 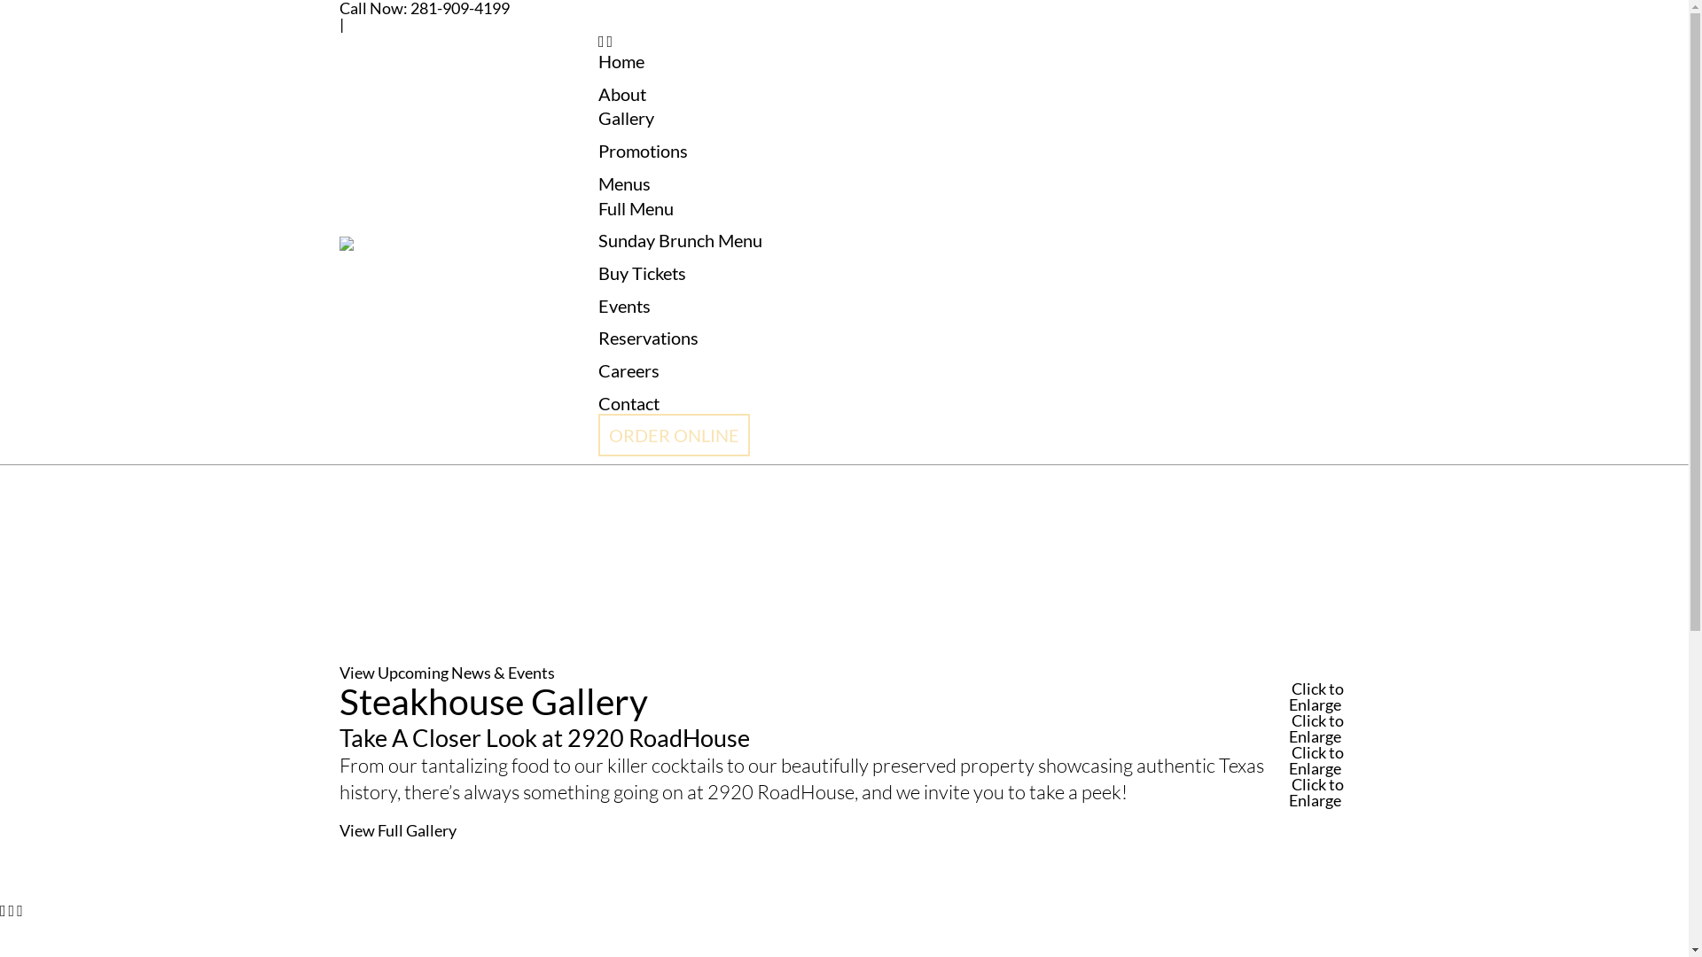 What do you see at coordinates (624, 183) in the screenshot?
I see `'Menus'` at bounding box center [624, 183].